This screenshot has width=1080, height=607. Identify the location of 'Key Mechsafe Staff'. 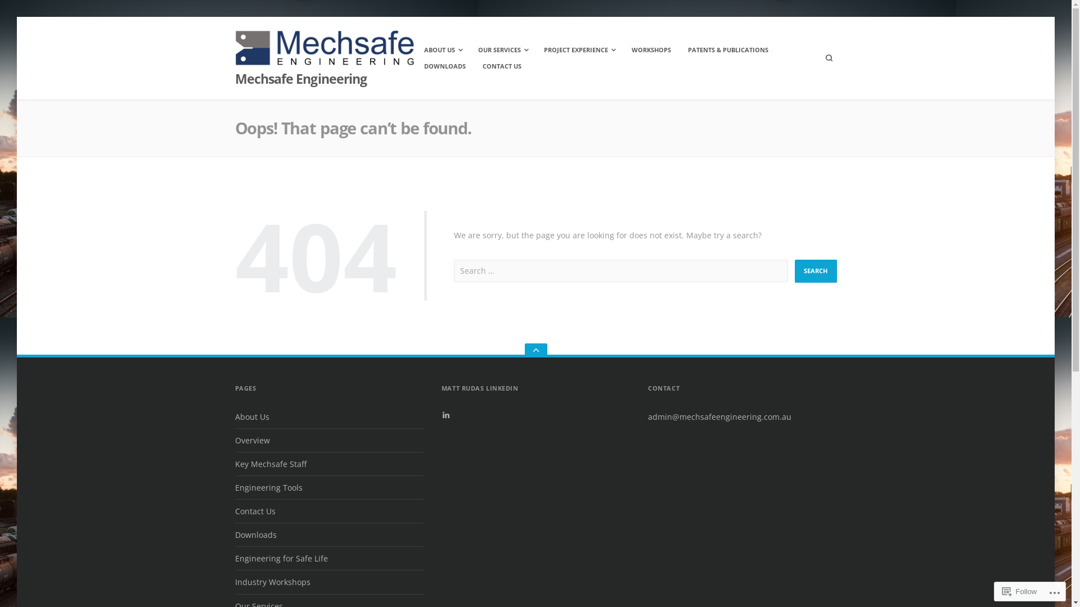
(271, 464).